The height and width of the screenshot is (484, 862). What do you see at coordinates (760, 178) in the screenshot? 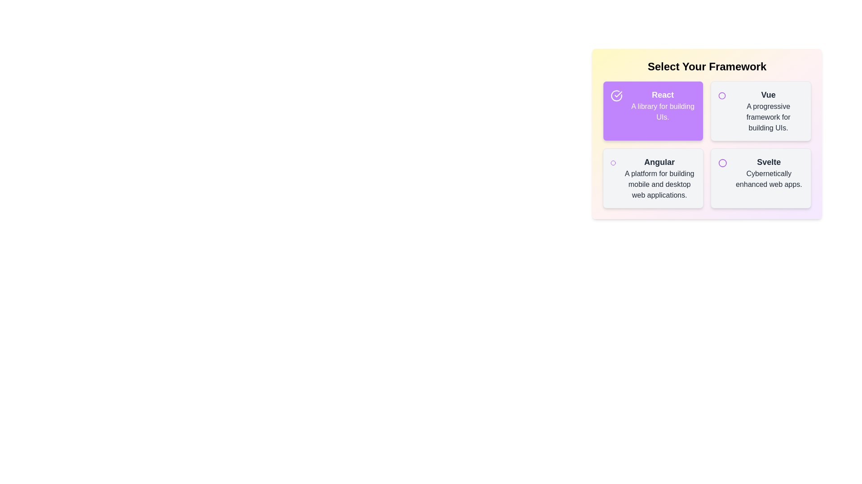
I see `the item labeled Svelte to observe its hover effect` at bounding box center [760, 178].